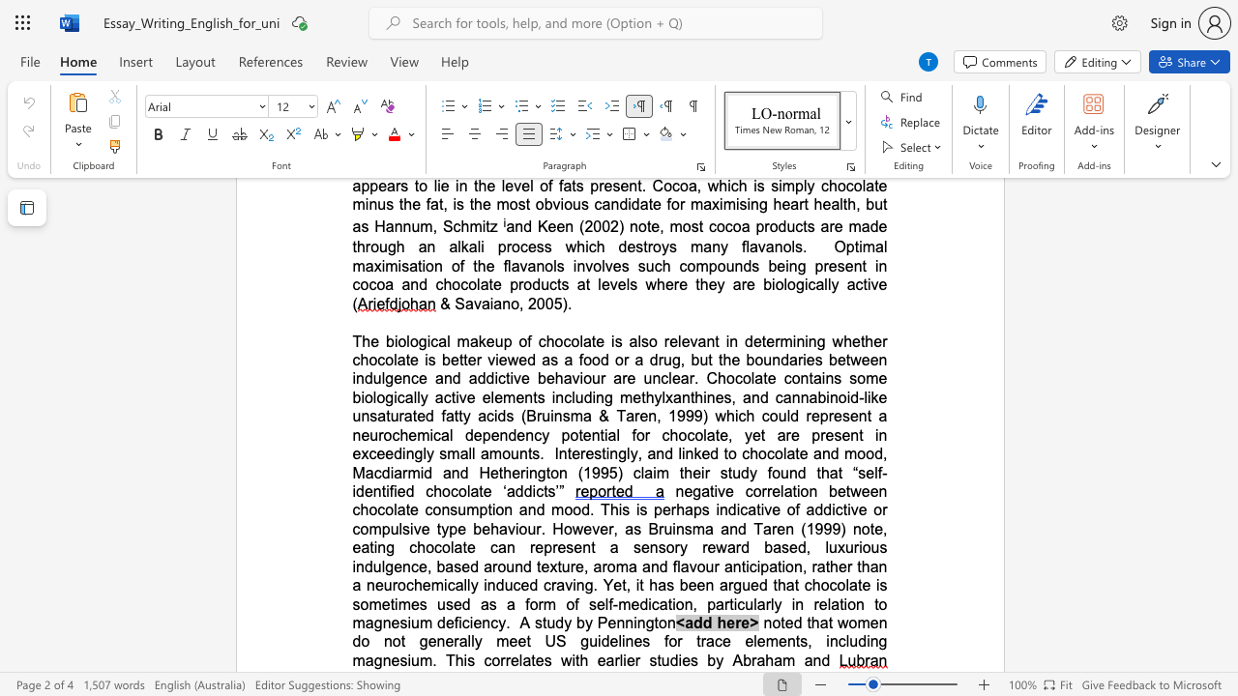 Image resolution: width=1238 pixels, height=696 pixels. What do you see at coordinates (633, 204) in the screenshot?
I see `the space between the continuous character "i" and "d" in the text` at bounding box center [633, 204].